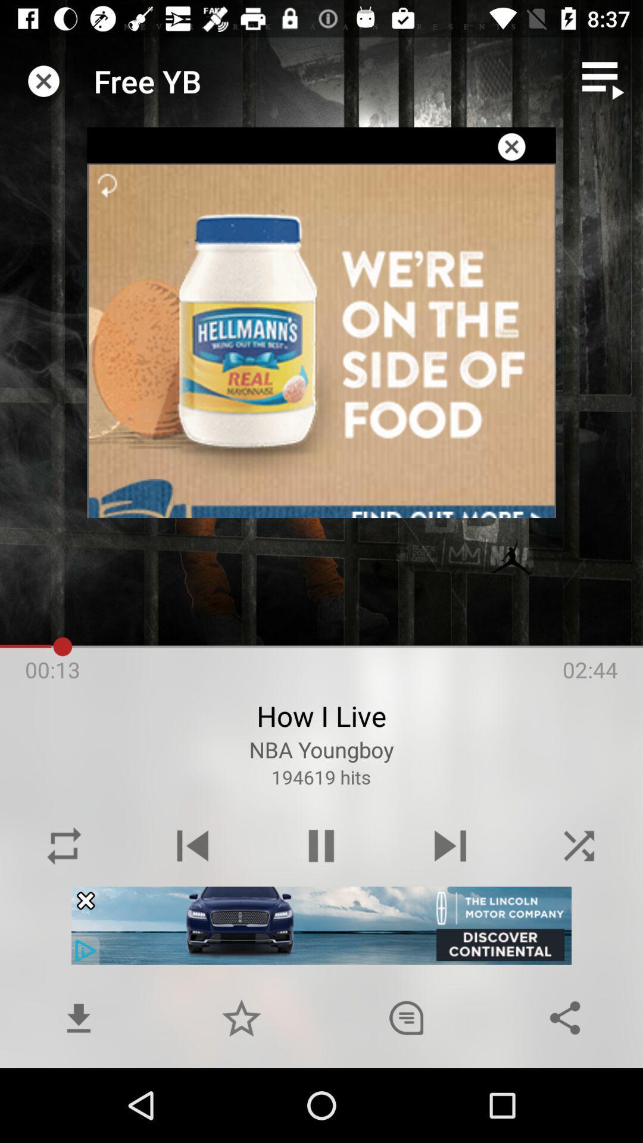 The width and height of the screenshot is (643, 1143). I want to click on the skip_next icon, so click(450, 845).